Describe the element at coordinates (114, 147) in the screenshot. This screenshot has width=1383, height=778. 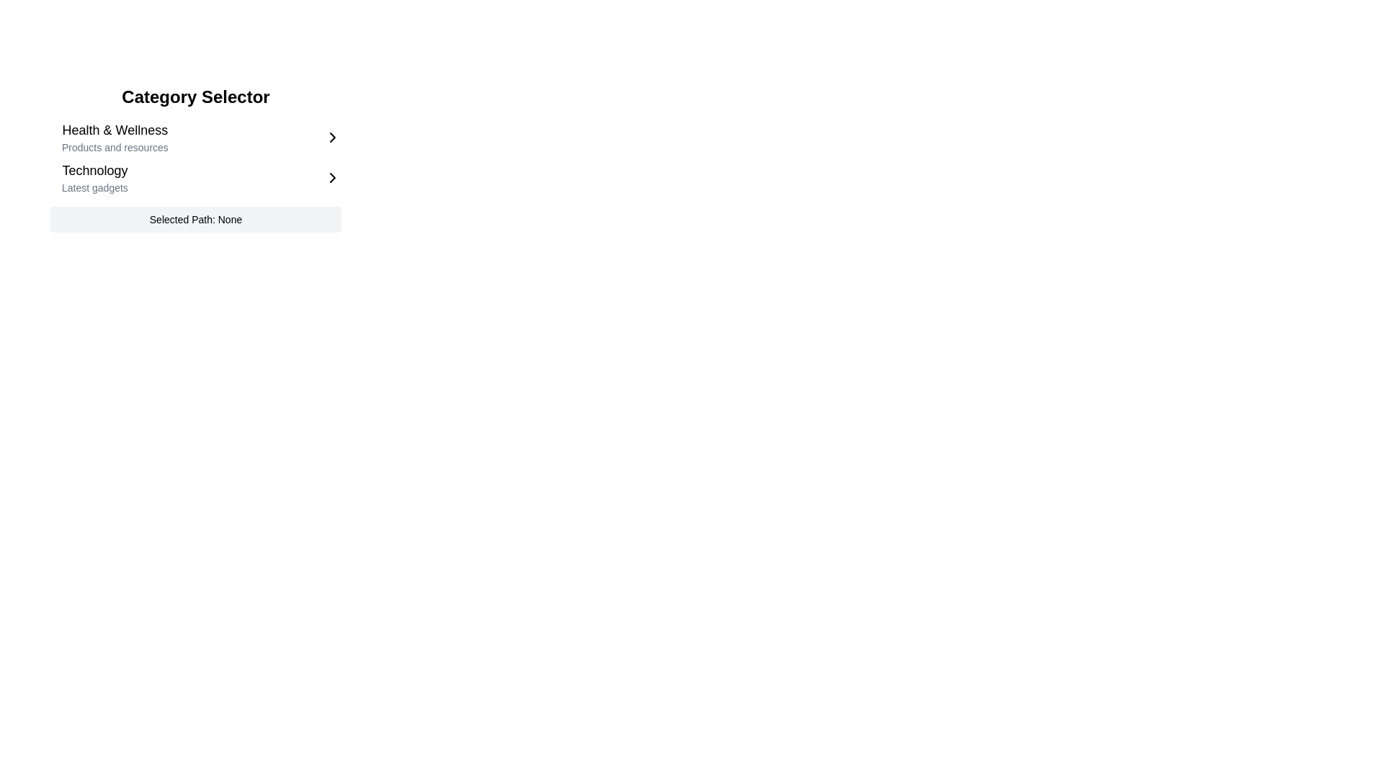
I see `the descriptive text label that provides additional context related to 'Health & Wellness', positioned underneath the main heading` at that location.